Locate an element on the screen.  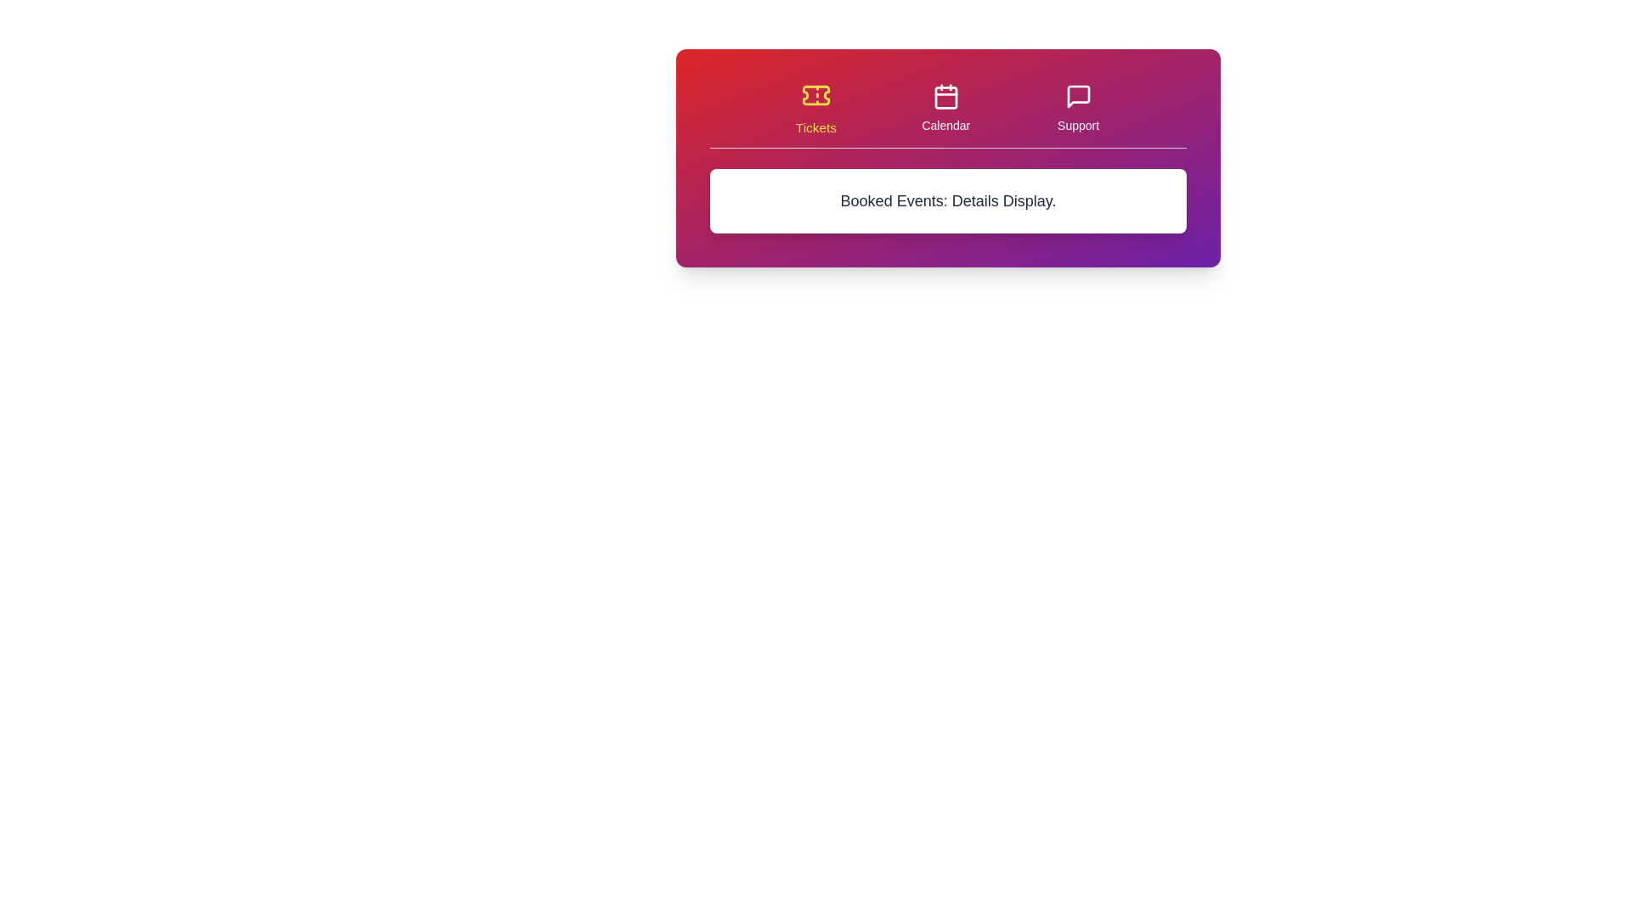
the Calendar tab to switch its content is located at coordinates (945, 108).